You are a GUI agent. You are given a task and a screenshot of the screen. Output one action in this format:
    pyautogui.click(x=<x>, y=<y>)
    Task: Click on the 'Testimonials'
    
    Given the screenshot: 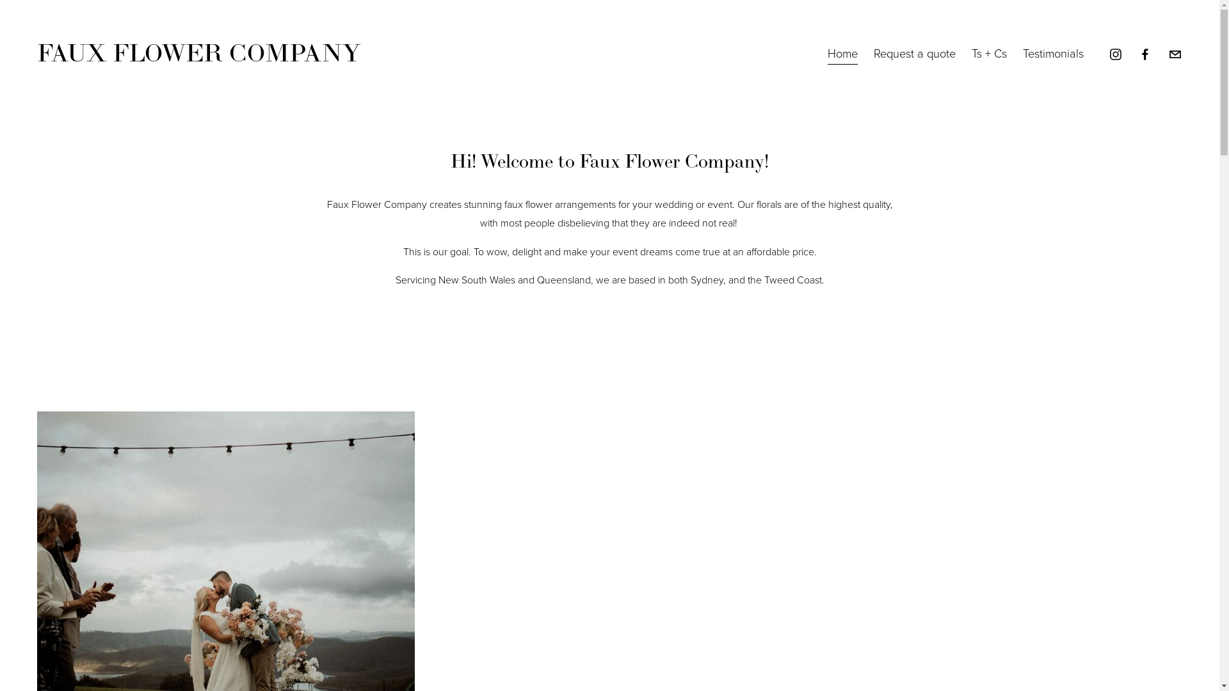 What is the action you would take?
    pyautogui.click(x=1053, y=54)
    